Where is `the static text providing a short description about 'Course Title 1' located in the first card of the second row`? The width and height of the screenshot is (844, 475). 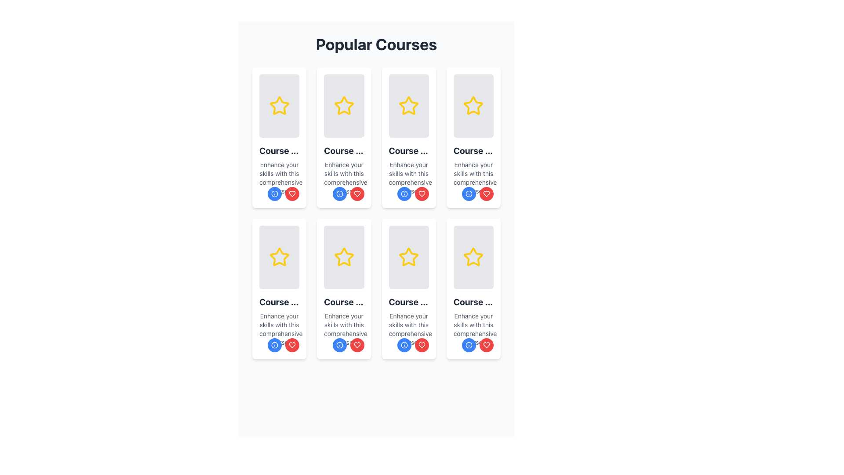
the static text providing a short description about 'Course Title 1' located in the first card of the second row is located at coordinates (279, 178).